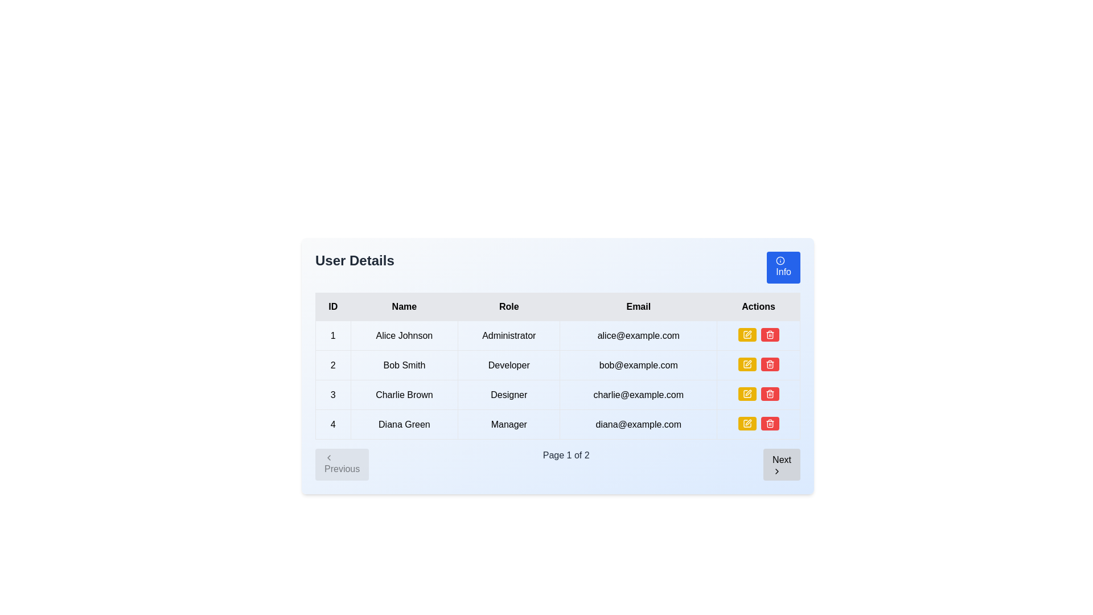  What do you see at coordinates (566, 465) in the screenshot?
I see `the static text label that displays the current page number and total number of pages in the navigational footer, located centrally between the 'Previous' and 'Next' buttons` at bounding box center [566, 465].